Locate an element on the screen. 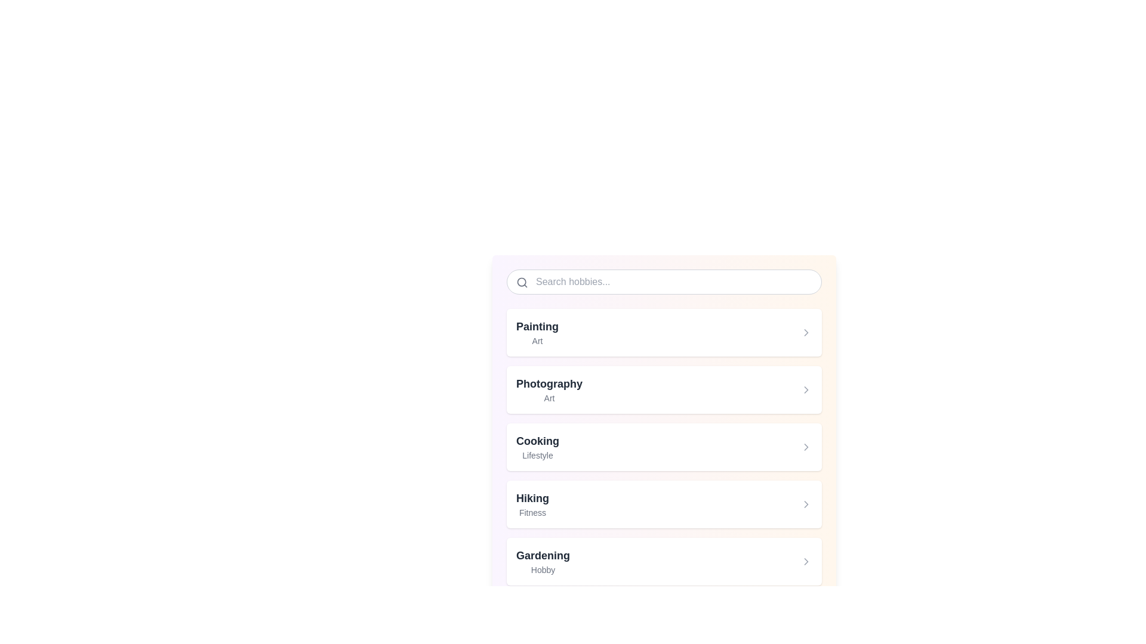  the small rightward-pointing arrow icon with rounded corners located at the far right edge of the 'GardeningHobby' list item to proceed to the Gardening details is located at coordinates (806, 561).